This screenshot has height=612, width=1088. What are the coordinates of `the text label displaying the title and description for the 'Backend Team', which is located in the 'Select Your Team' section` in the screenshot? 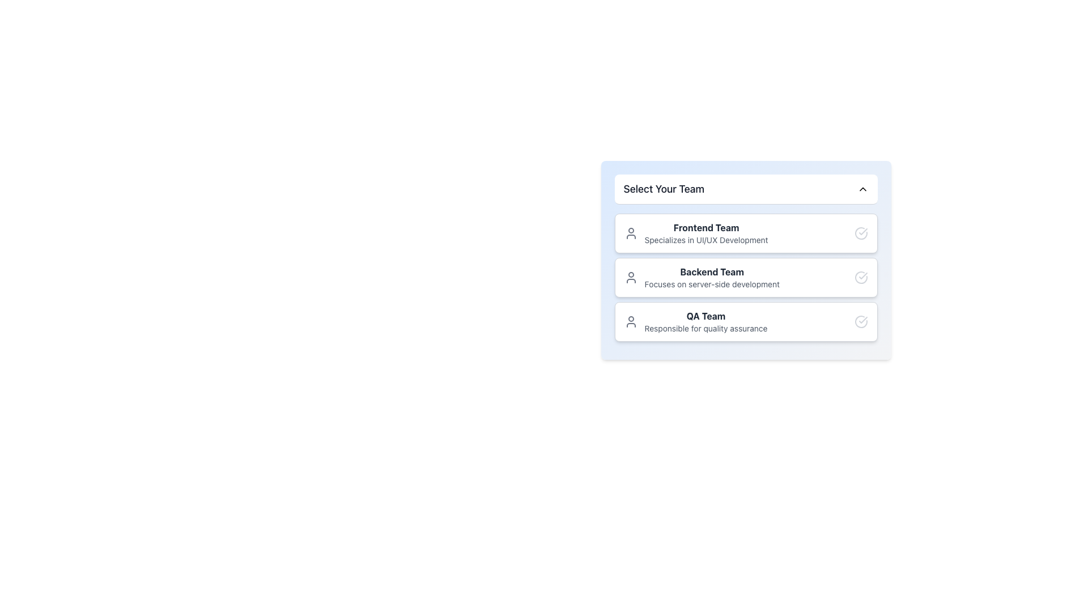 It's located at (711, 277).